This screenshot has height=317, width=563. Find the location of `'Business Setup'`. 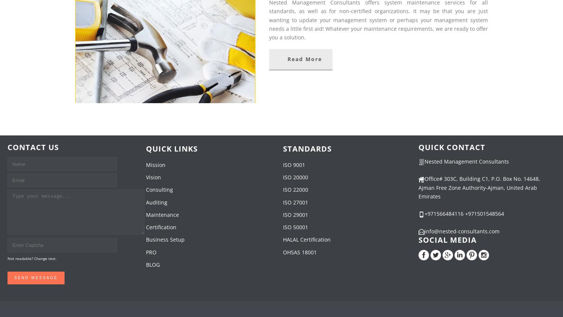

'Business Setup' is located at coordinates (146, 239).